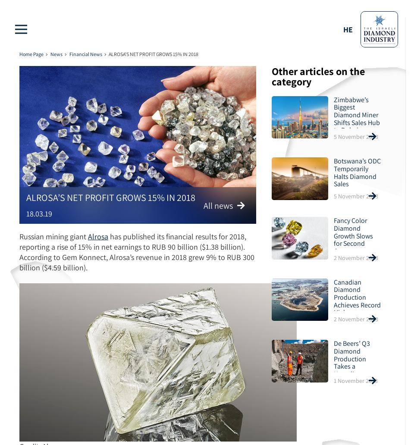 The width and height of the screenshot is (411, 445). I want to click on 'News', so click(55, 54).